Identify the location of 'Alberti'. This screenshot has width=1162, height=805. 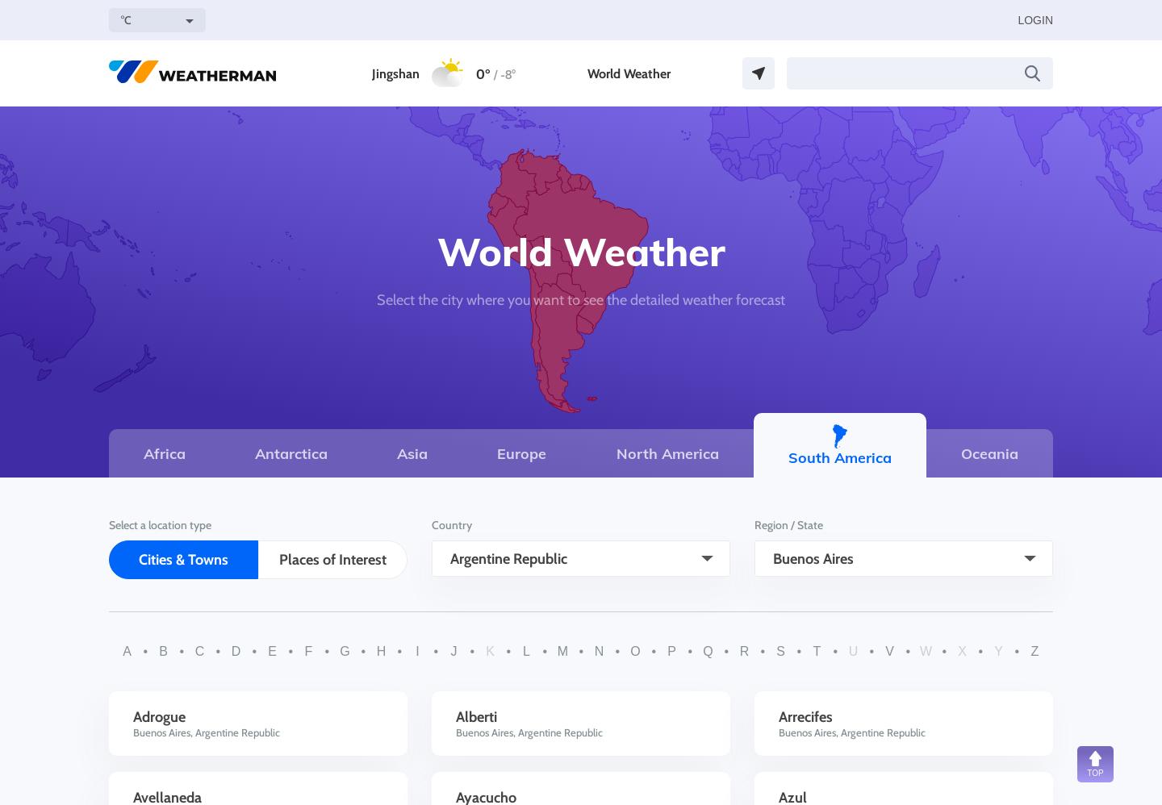
(475, 715).